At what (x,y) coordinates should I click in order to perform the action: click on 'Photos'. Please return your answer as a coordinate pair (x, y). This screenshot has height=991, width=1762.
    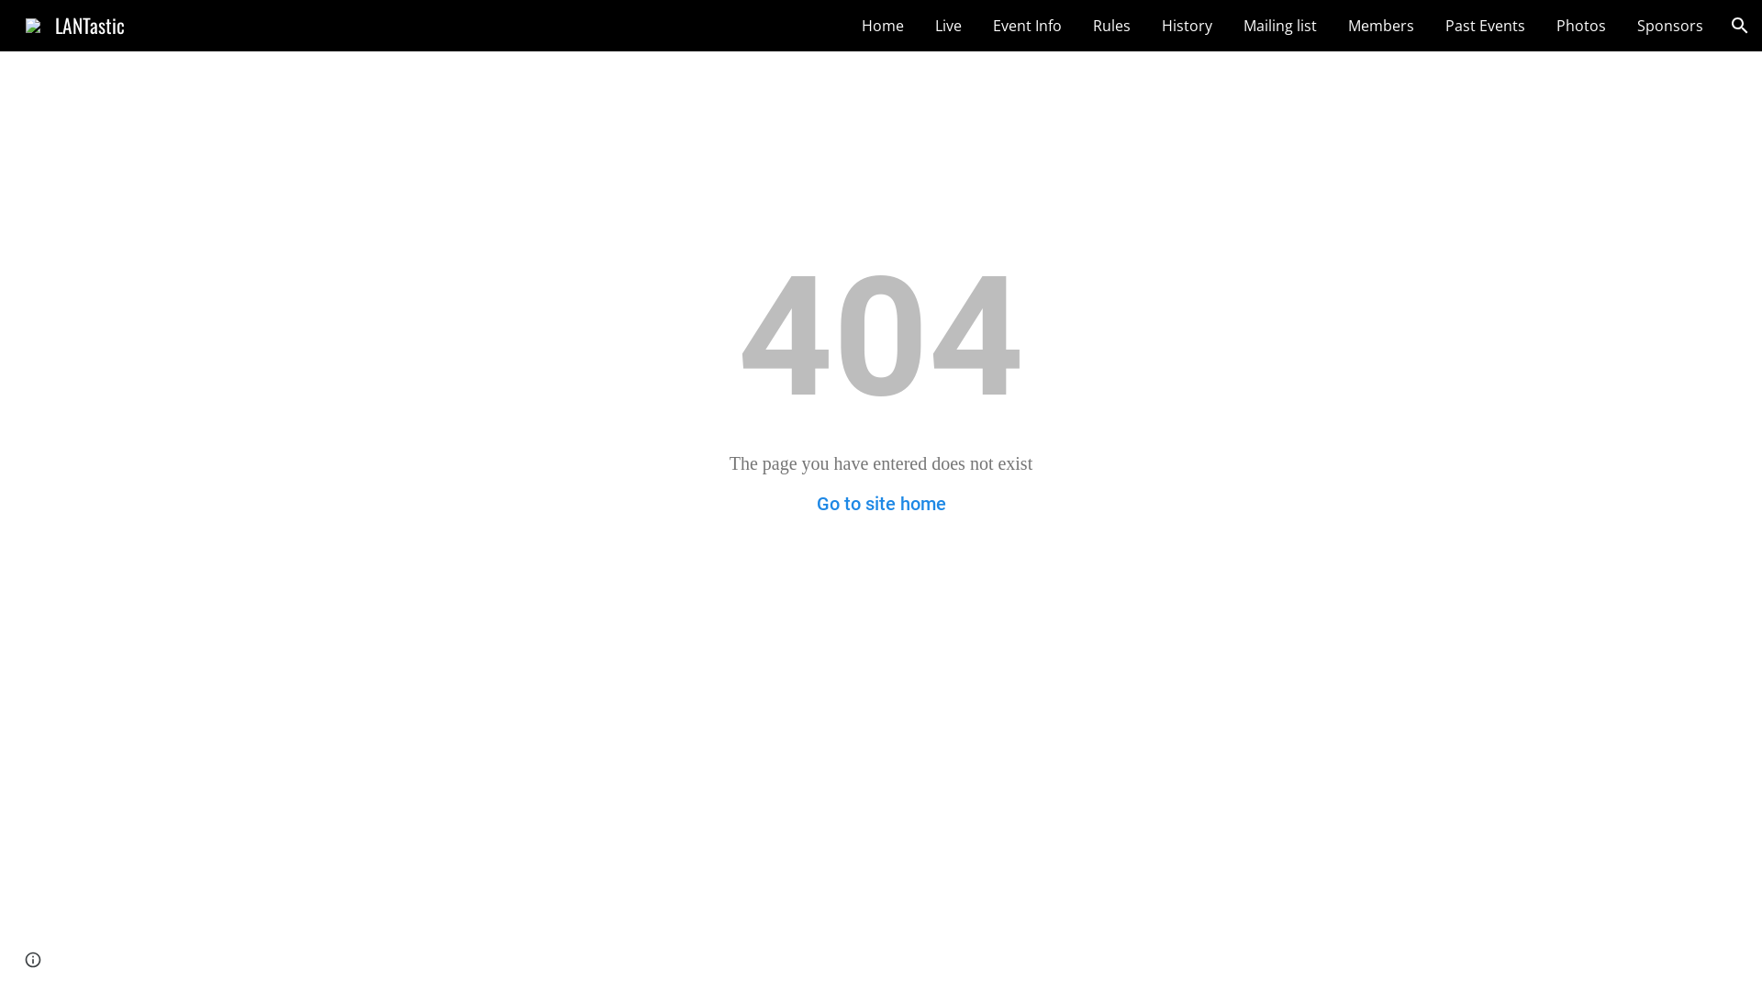
    Looking at the image, I should click on (1580, 25).